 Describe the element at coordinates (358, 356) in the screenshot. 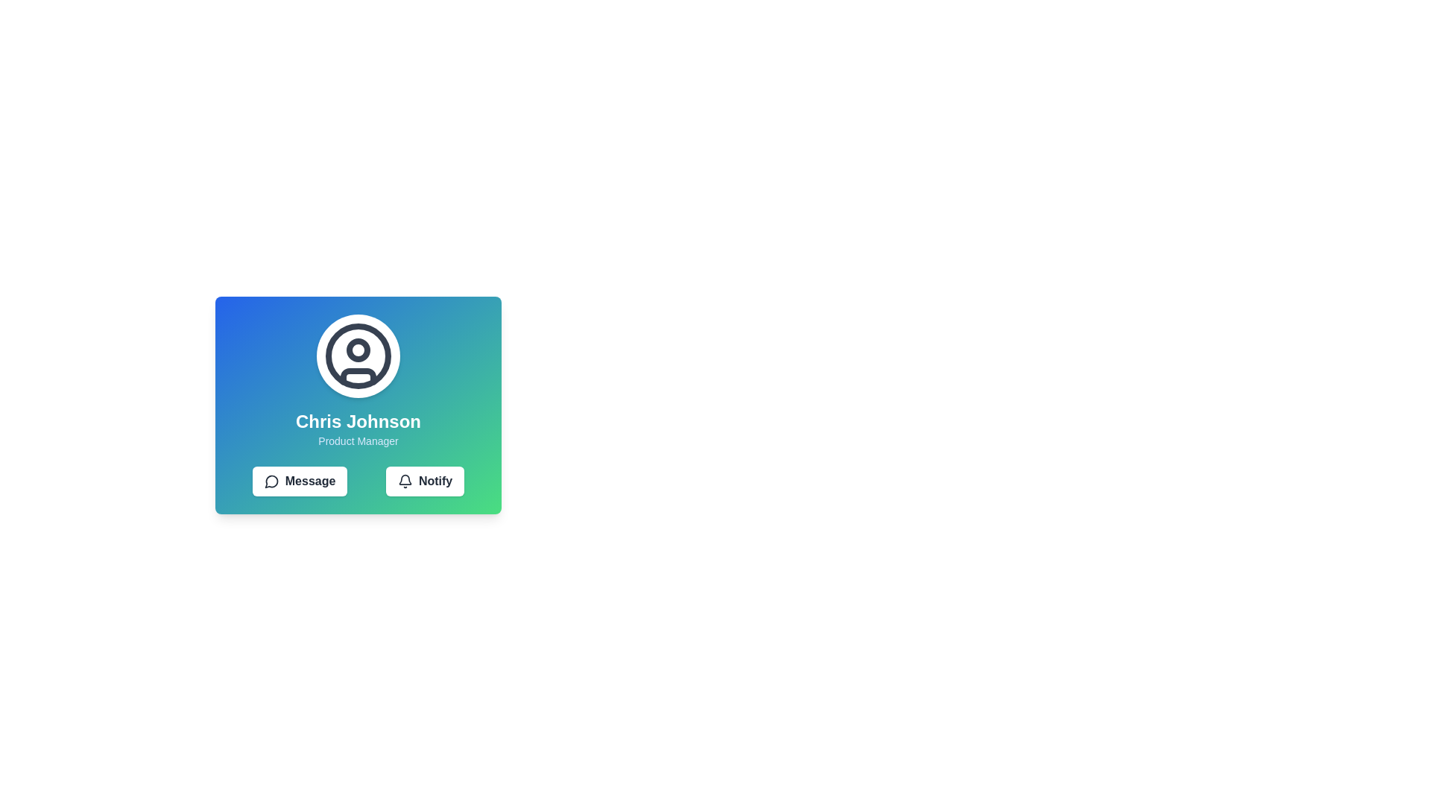

I see `the filled circular shape with a dark border that is the innermost circle of the user profile icon, located above the text 'Chris Johnson Product Manager'` at that location.